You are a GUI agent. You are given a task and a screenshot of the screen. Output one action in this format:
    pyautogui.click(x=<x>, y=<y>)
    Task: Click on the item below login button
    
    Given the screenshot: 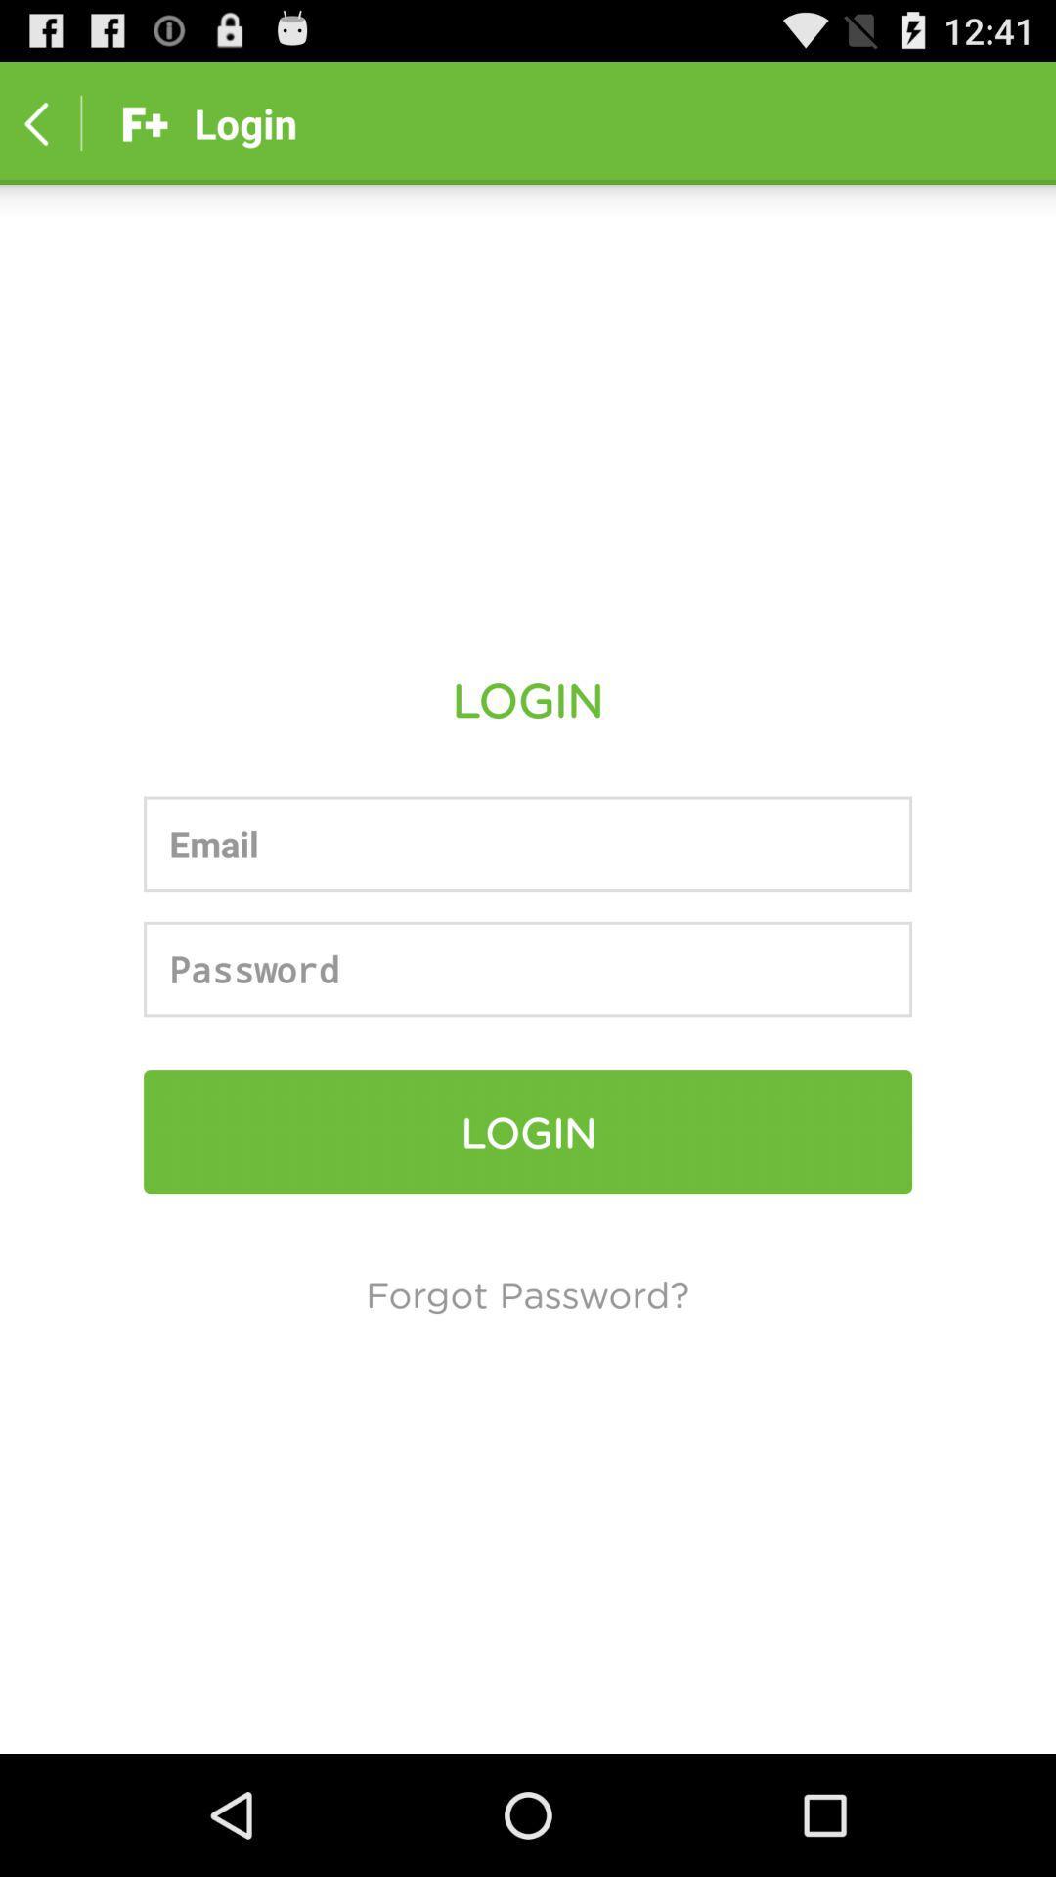 What is the action you would take?
    pyautogui.click(x=526, y=1293)
    